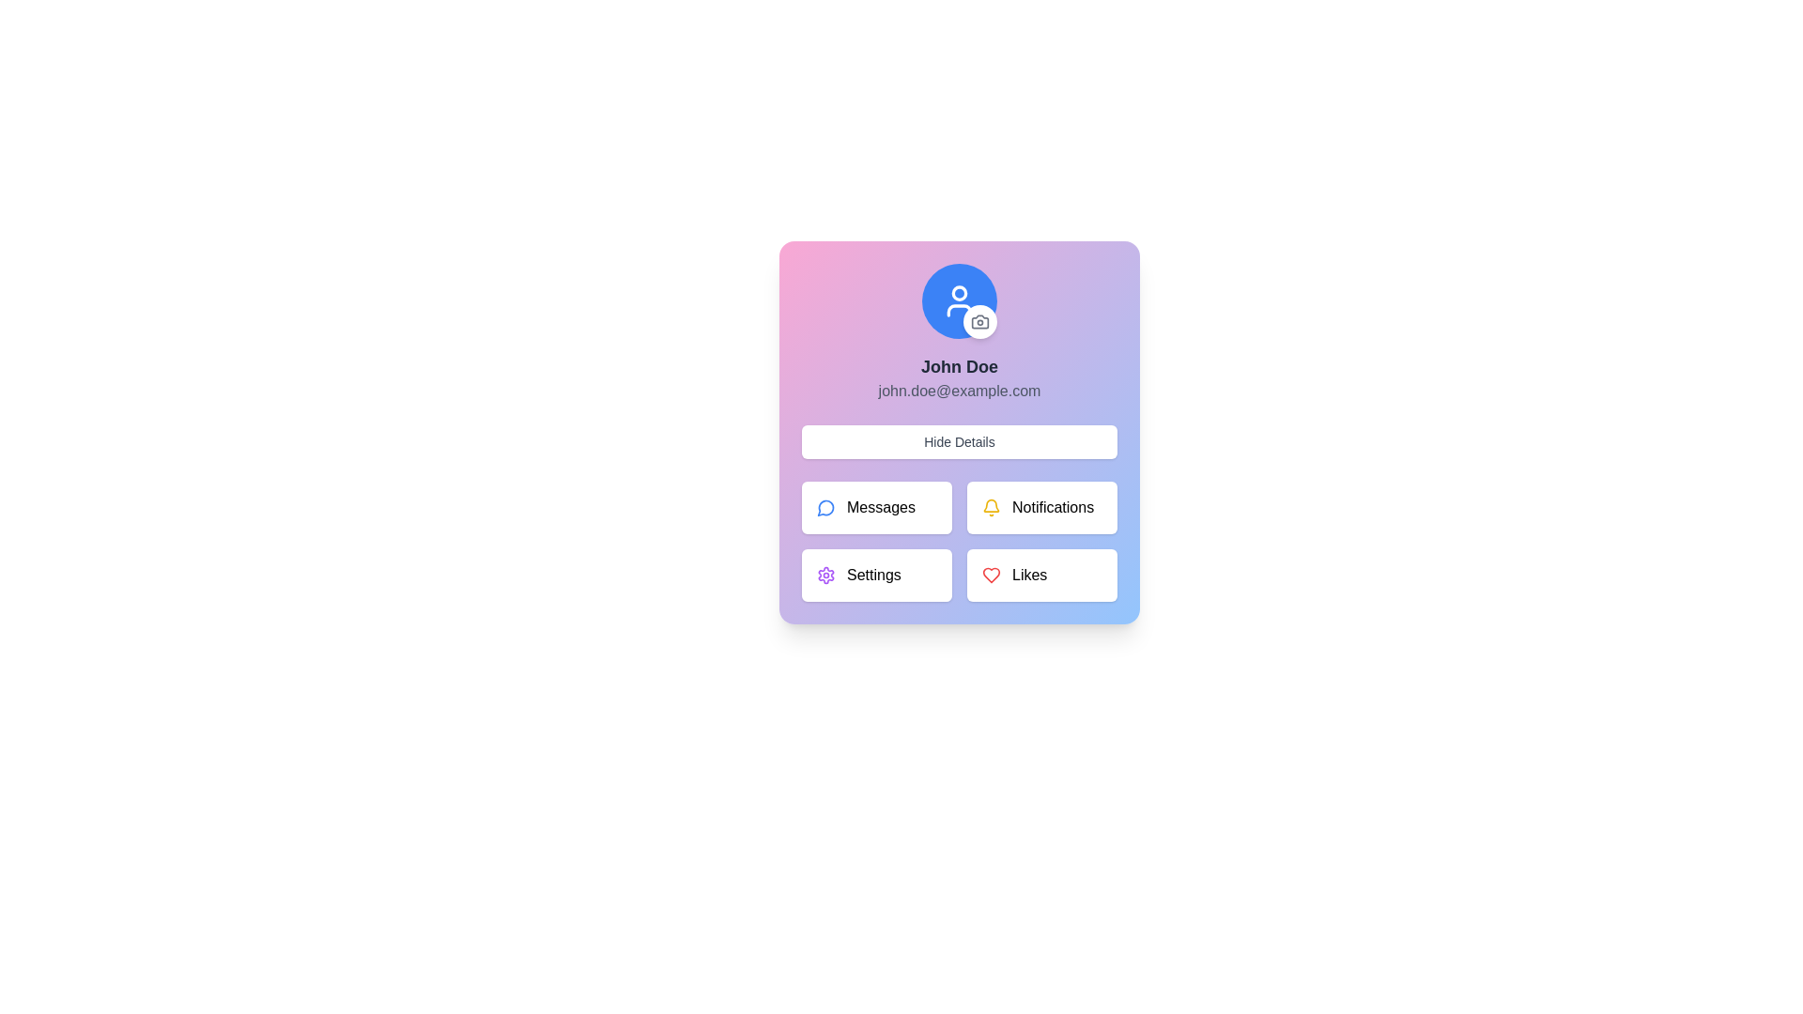 This screenshot has height=1014, width=1803. I want to click on the gear icon with a purple outline located, so click(825, 575).